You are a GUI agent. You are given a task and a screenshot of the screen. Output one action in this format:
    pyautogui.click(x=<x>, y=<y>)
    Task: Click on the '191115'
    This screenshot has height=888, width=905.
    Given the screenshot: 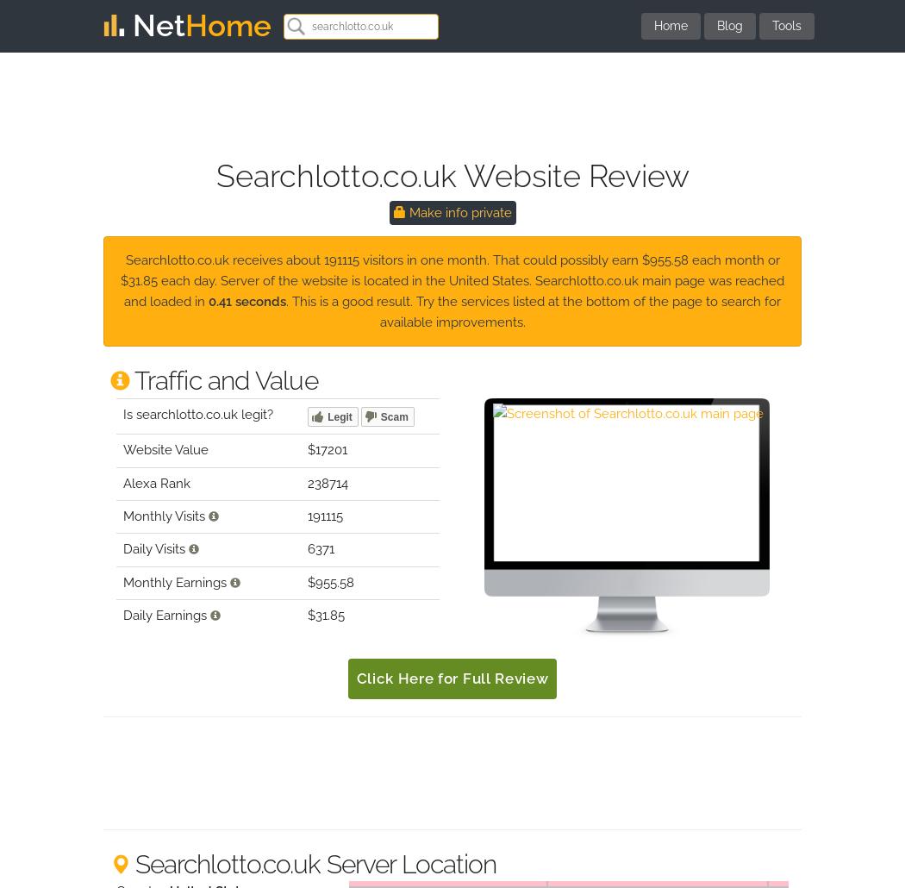 What is the action you would take?
    pyautogui.click(x=325, y=516)
    